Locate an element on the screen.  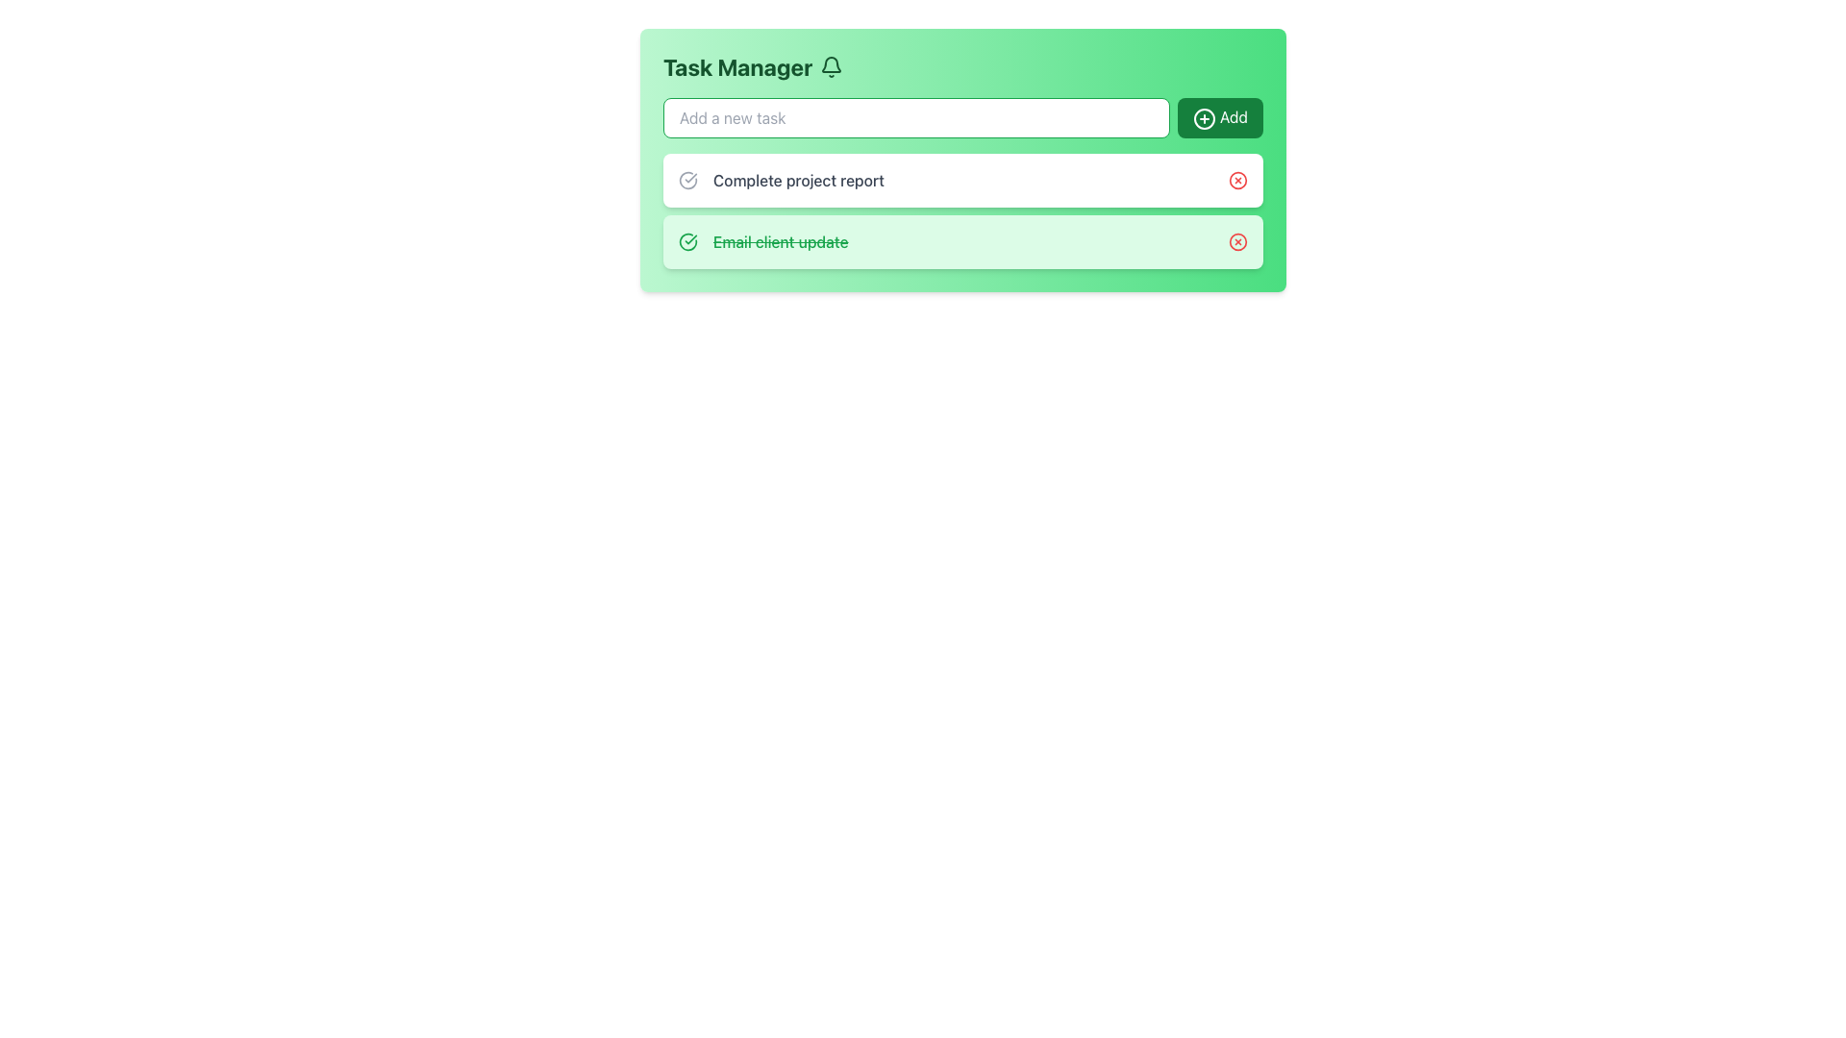
the task item labeled 'Complete project report' is located at coordinates (963, 181).